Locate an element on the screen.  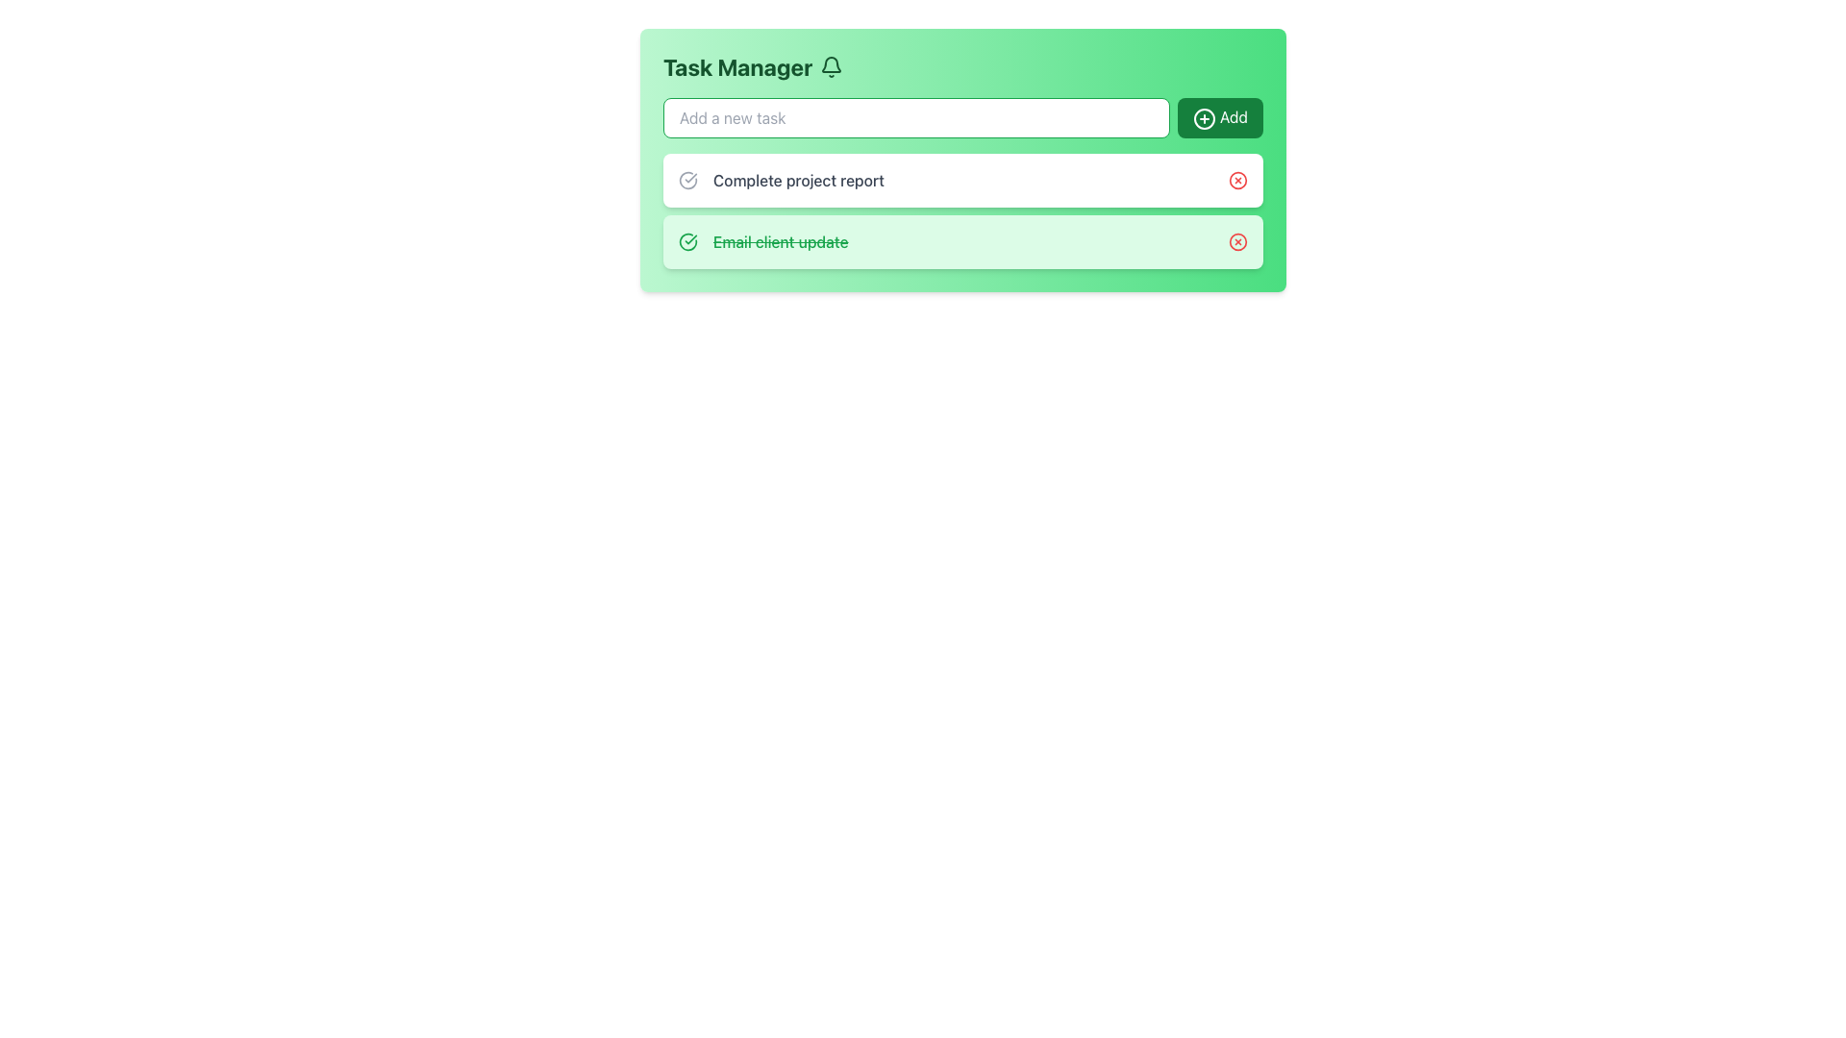
the task item labeled 'Complete project report' is located at coordinates (963, 181).